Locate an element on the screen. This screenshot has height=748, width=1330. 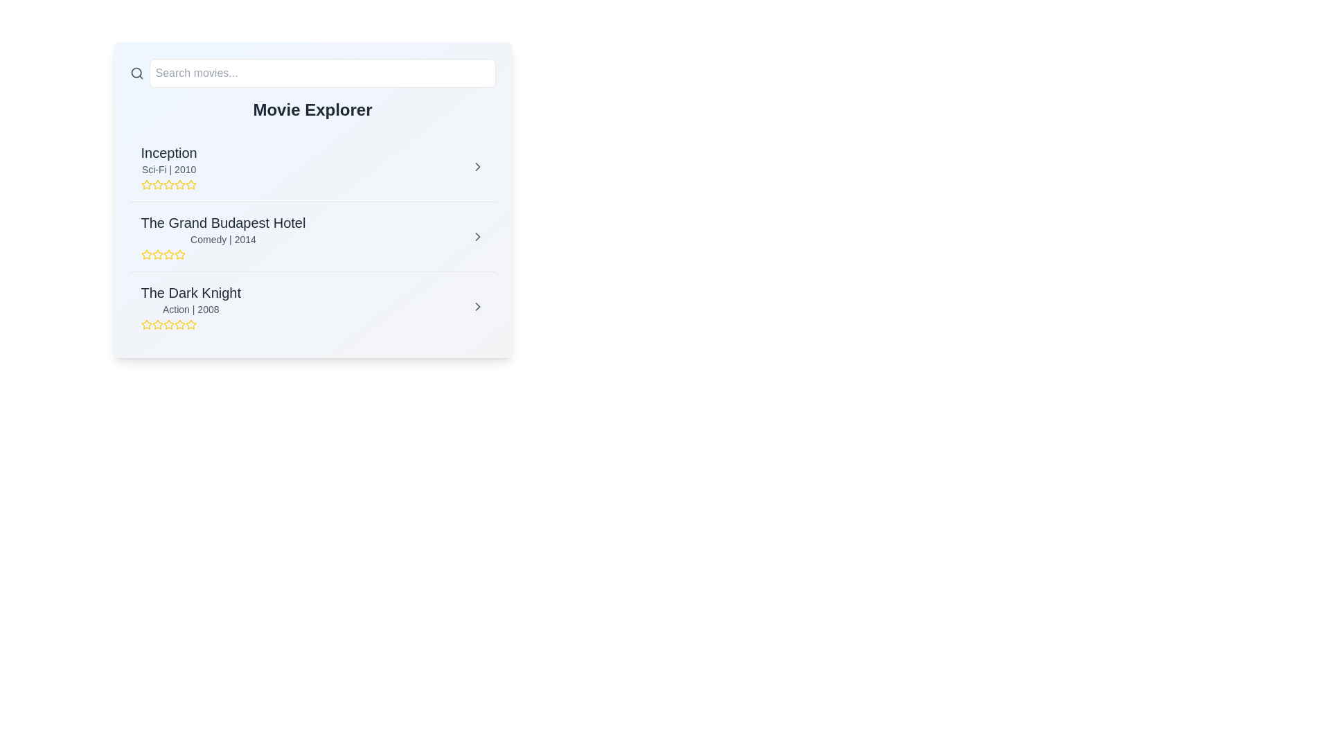
the movie titled The Dark Knight from the list is located at coordinates (477, 306).